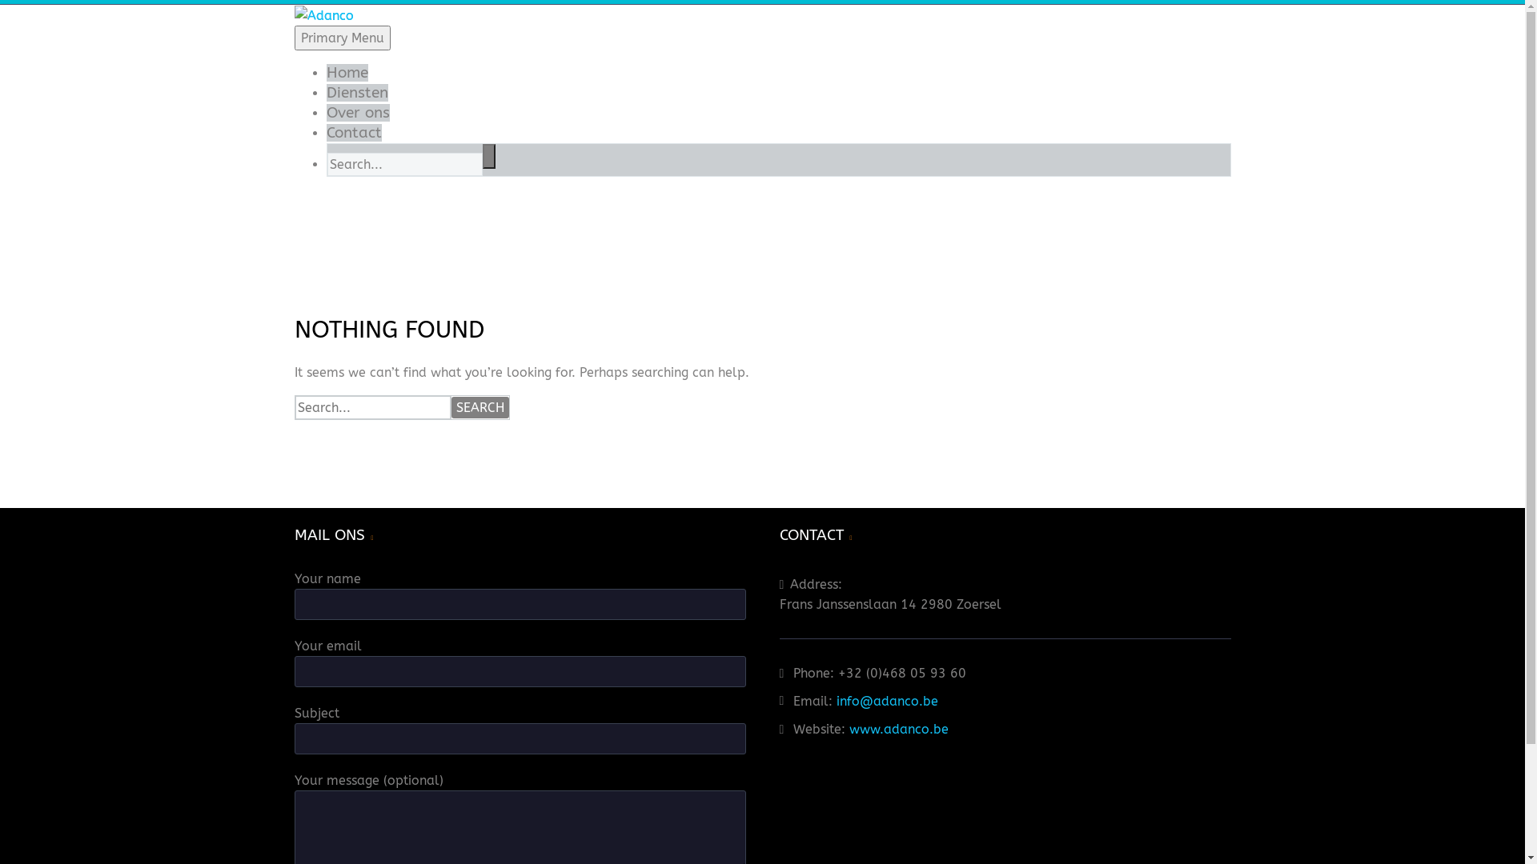  Describe the element at coordinates (353, 131) in the screenshot. I see `'Contact'` at that location.